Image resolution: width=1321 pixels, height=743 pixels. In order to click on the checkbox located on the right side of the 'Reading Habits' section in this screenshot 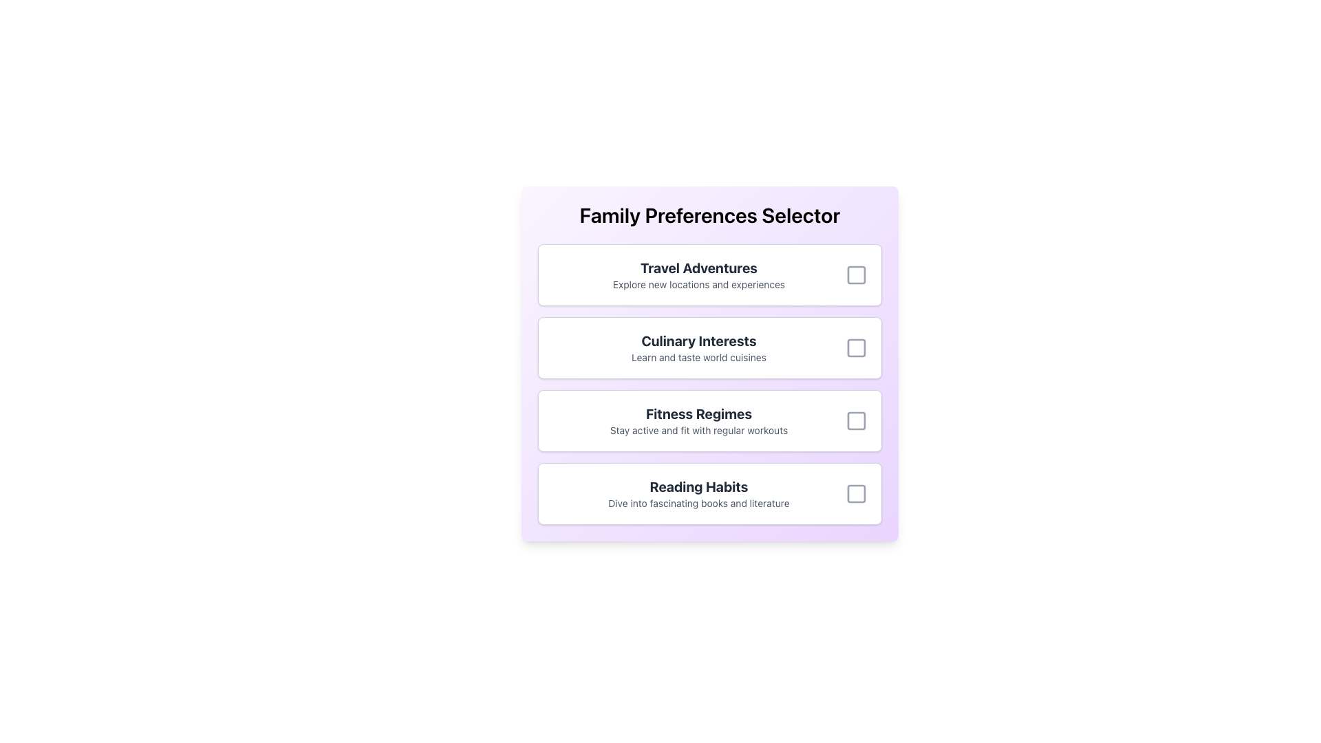, I will do `click(855, 493)`.